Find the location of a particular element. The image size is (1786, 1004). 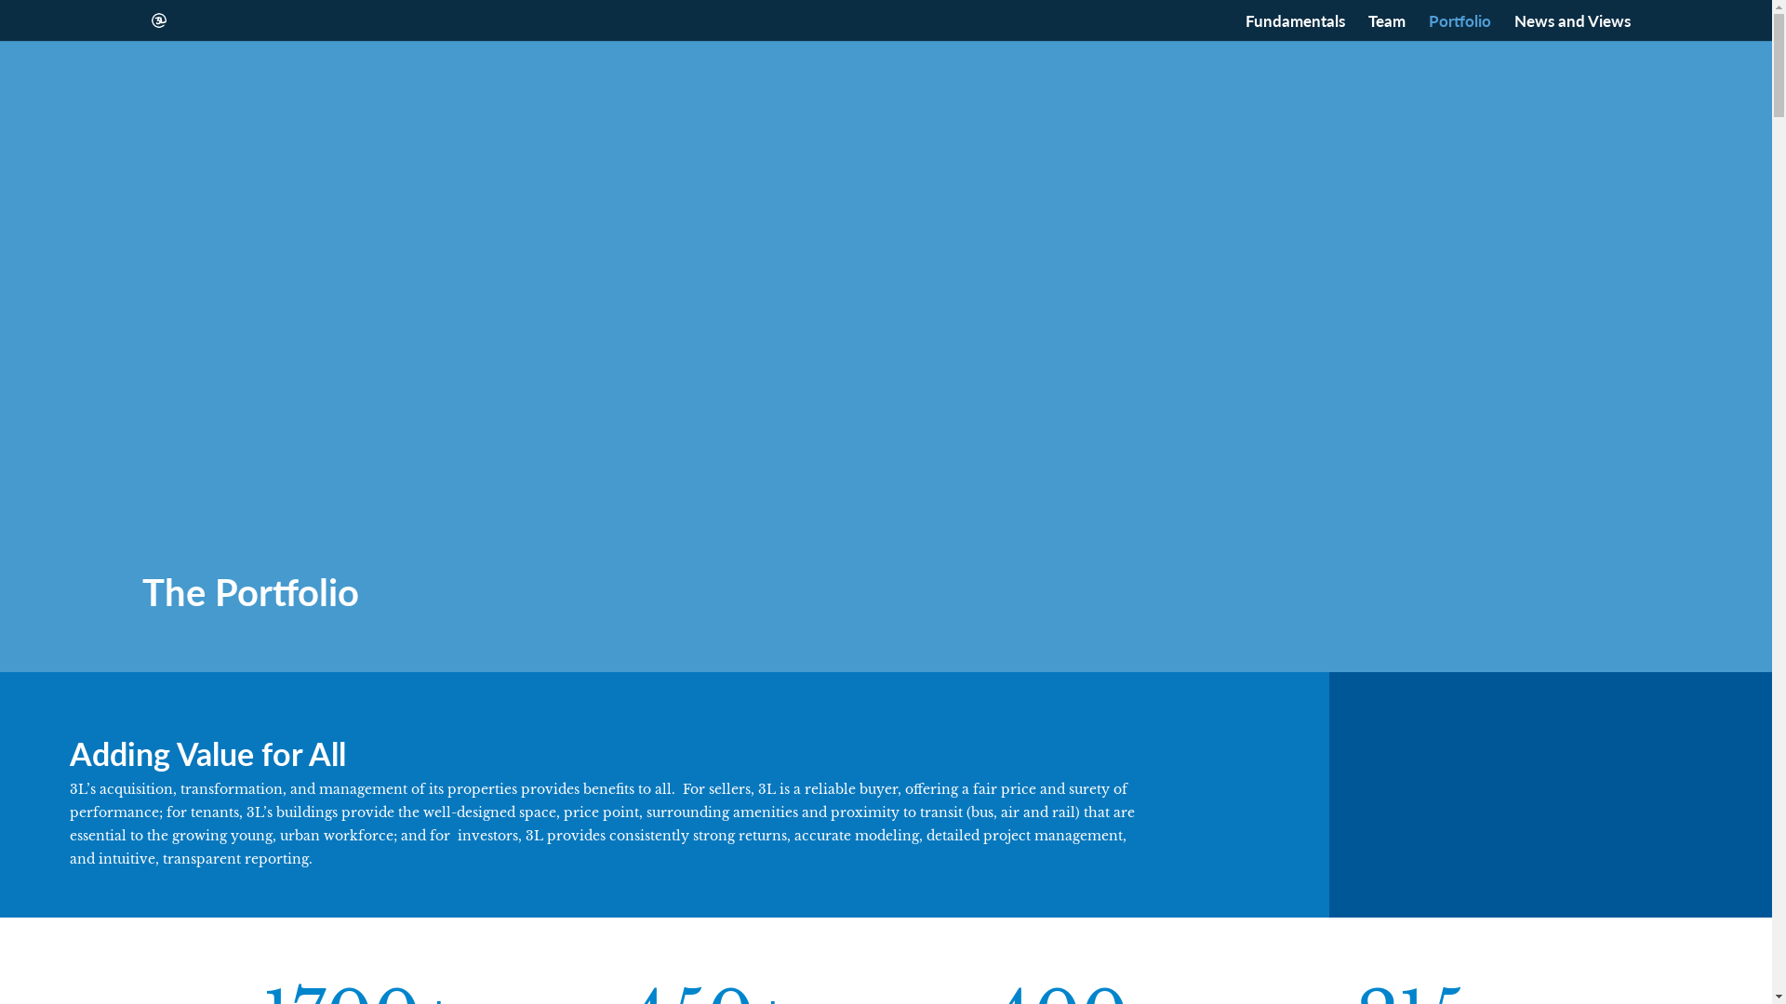

'News and Views' is located at coordinates (1513, 27).